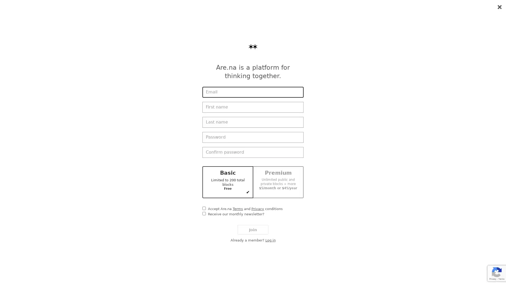  Describe the element at coordinates (253, 229) in the screenshot. I see `Join` at that location.